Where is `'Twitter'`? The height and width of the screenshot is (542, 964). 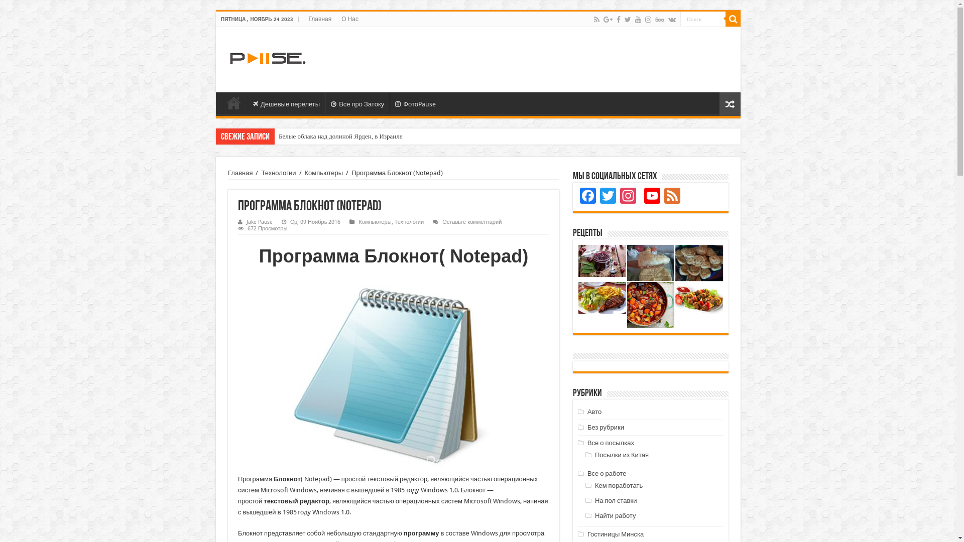 'Twitter' is located at coordinates (607, 197).